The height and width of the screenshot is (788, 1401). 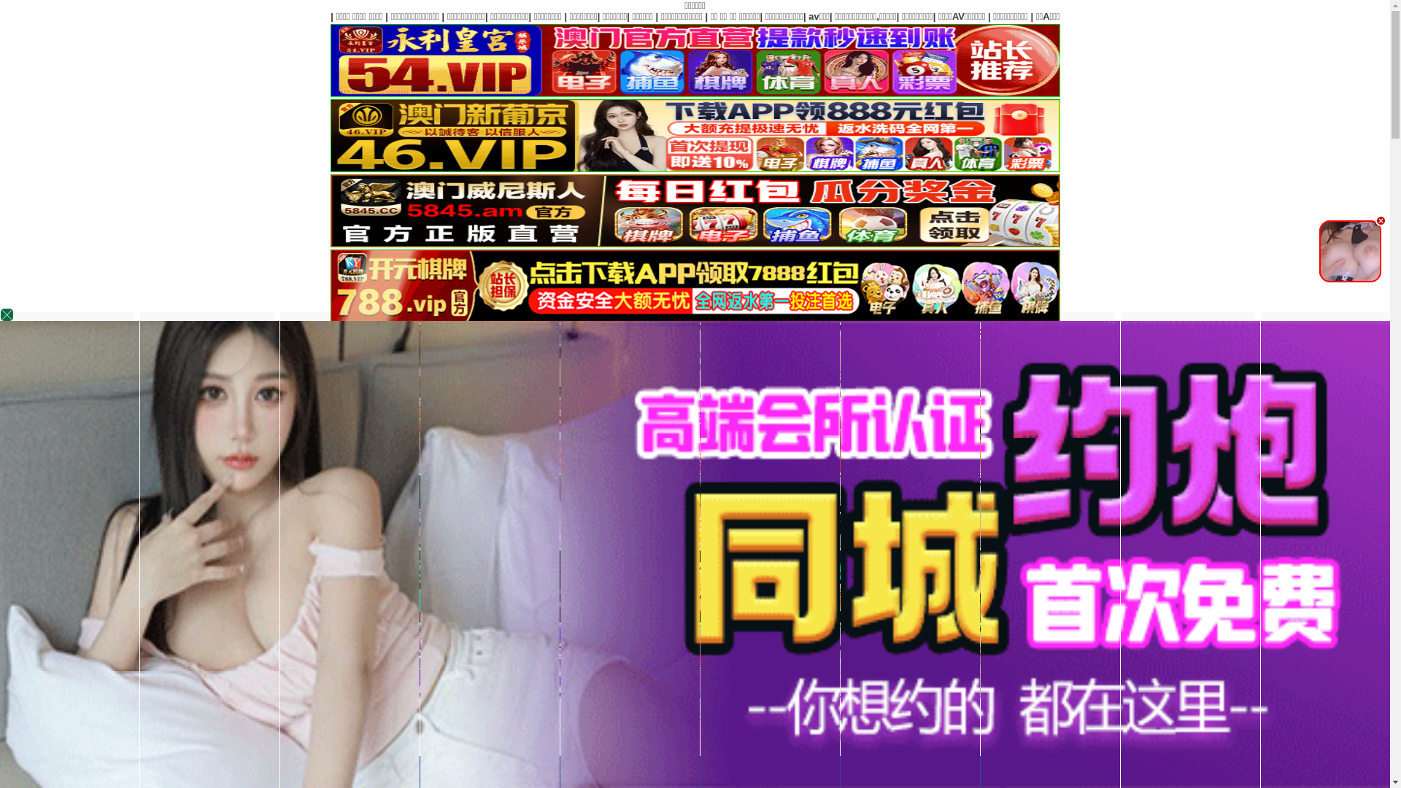 What do you see at coordinates (967, 16) in the screenshot?
I see `'|'` at bounding box center [967, 16].